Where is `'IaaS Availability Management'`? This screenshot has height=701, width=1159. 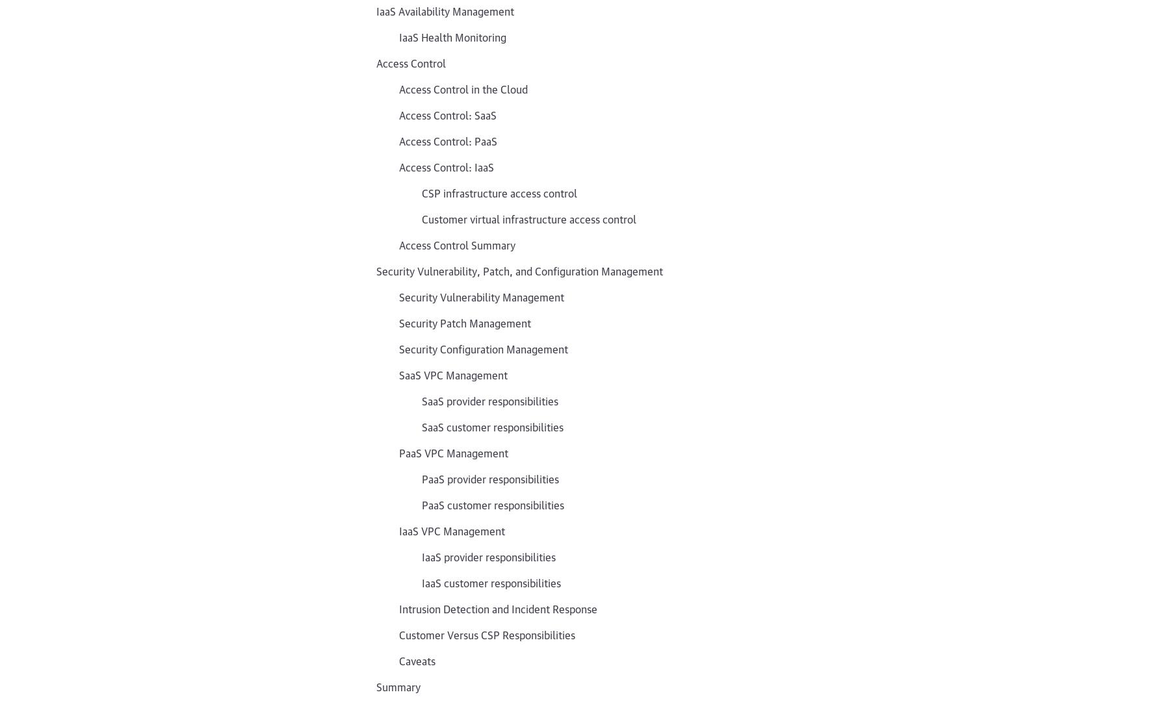 'IaaS Availability Management' is located at coordinates (445, 10).